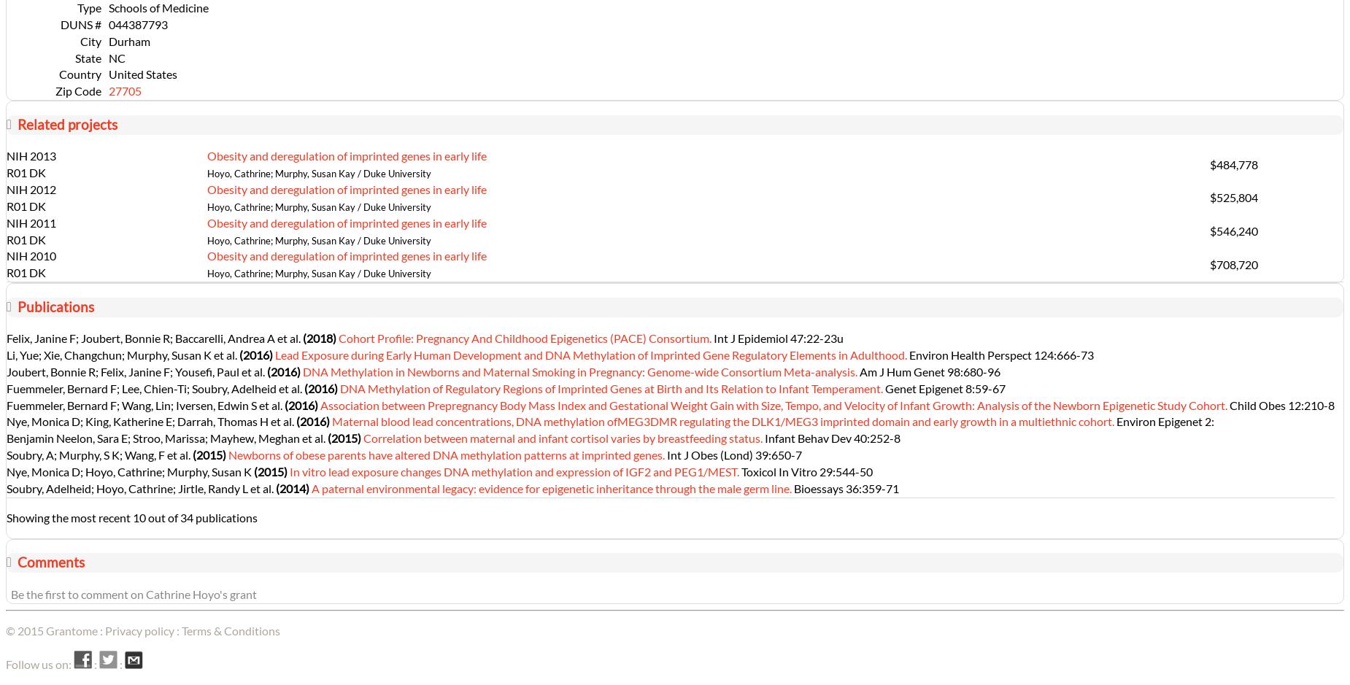 The width and height of the screenshot is (1350, 685). What do you see at coordinates (129, 470) in the screenshot?
I see `'Nye, Monica D;  Hoyo, Cathrine;  Murphy, Susan K'` at bounding box center [129, 470].